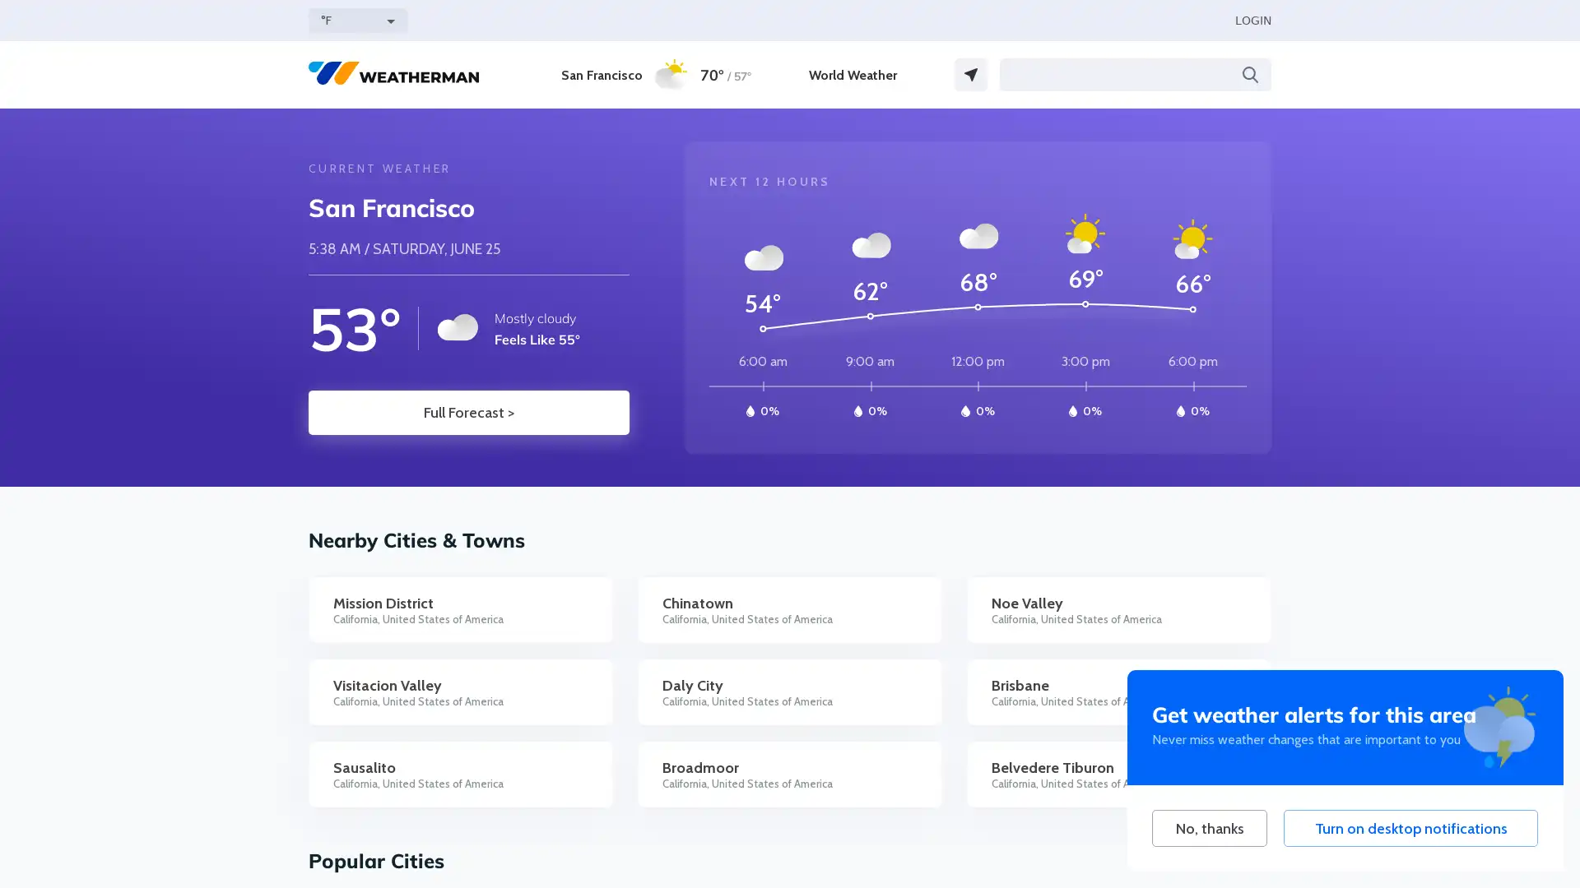 The image size is (1580, 888). I want to click on LOGIN, so click(1252, 20).